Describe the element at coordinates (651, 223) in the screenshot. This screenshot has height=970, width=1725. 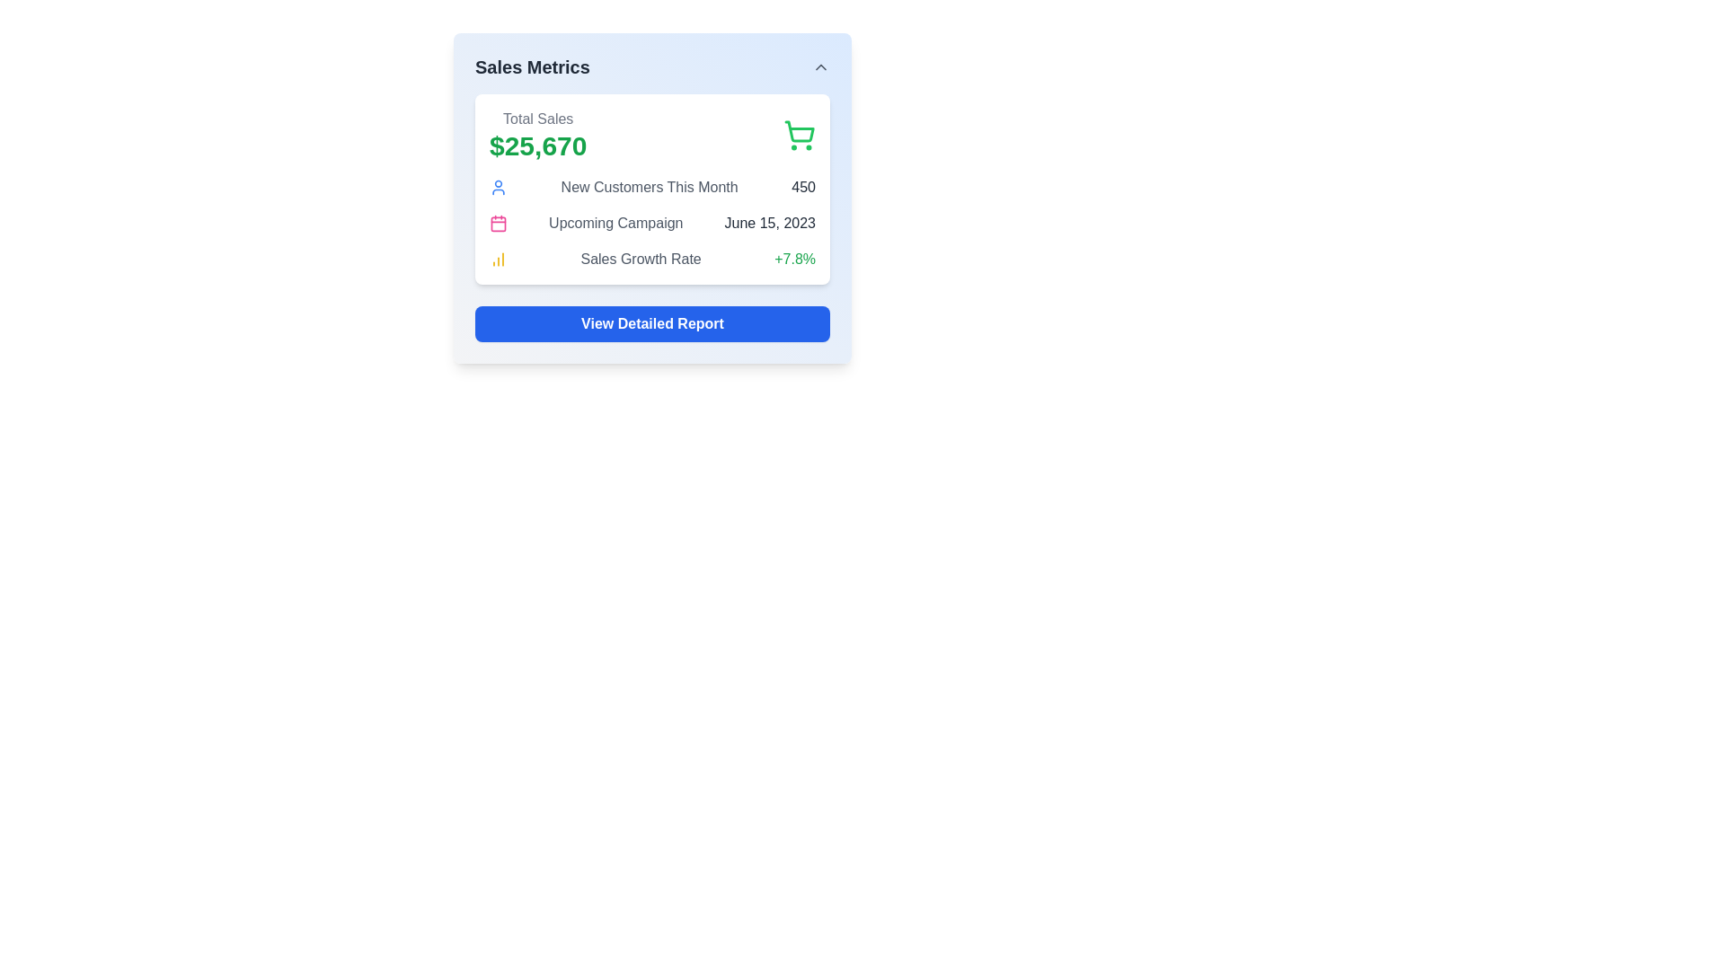
I see `the Information panel containing structured metrics, which includes rows with icons and descriptive text, positioned within the 'Sales Metrics' card` at that location.